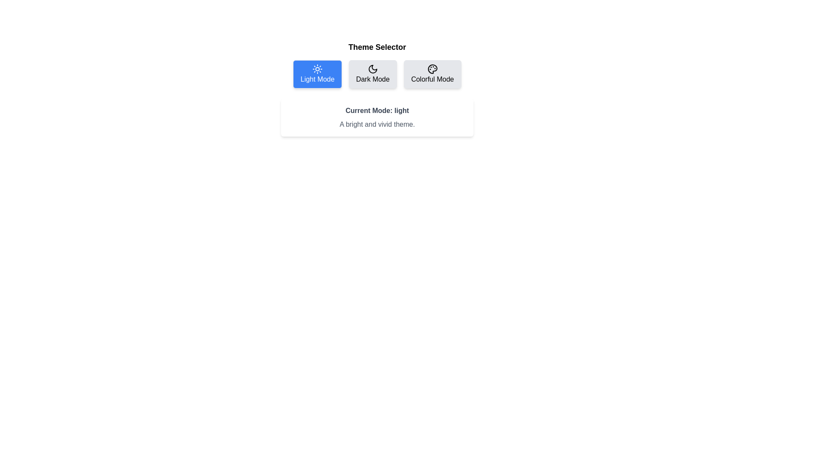  I want to click on the icon located in the upper left corner of the 'Colorful Mode' button, which serves as a visual indicator for activating the 'Colorful Mode', so click(432, 69).